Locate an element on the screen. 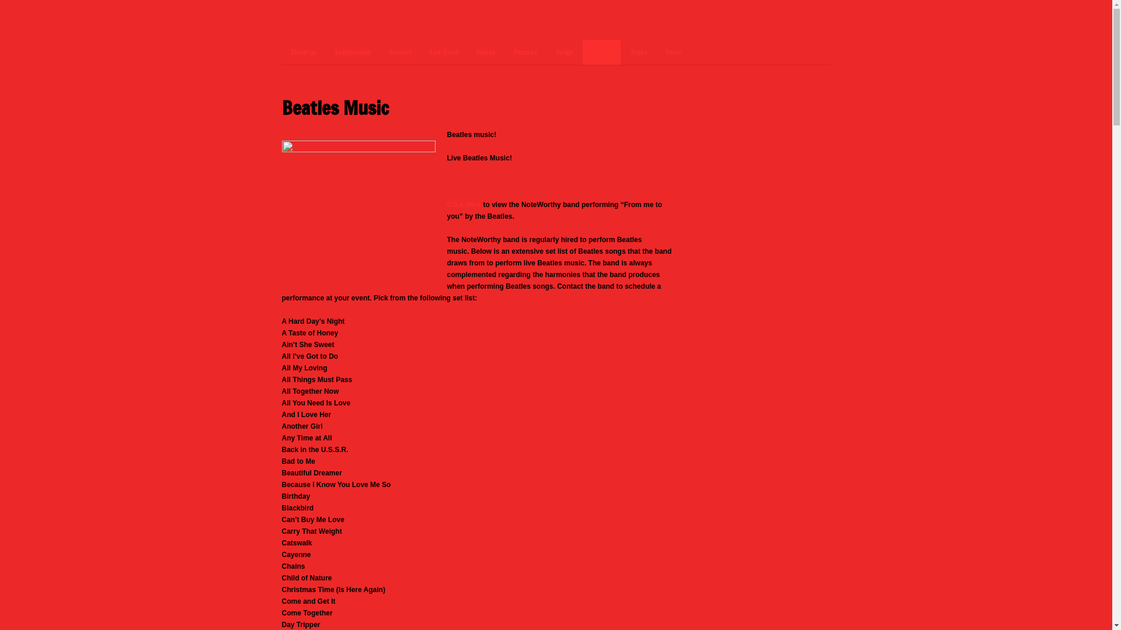 The image size is (1121, 630). 'Click Here' is located at coordinates (464, 204).